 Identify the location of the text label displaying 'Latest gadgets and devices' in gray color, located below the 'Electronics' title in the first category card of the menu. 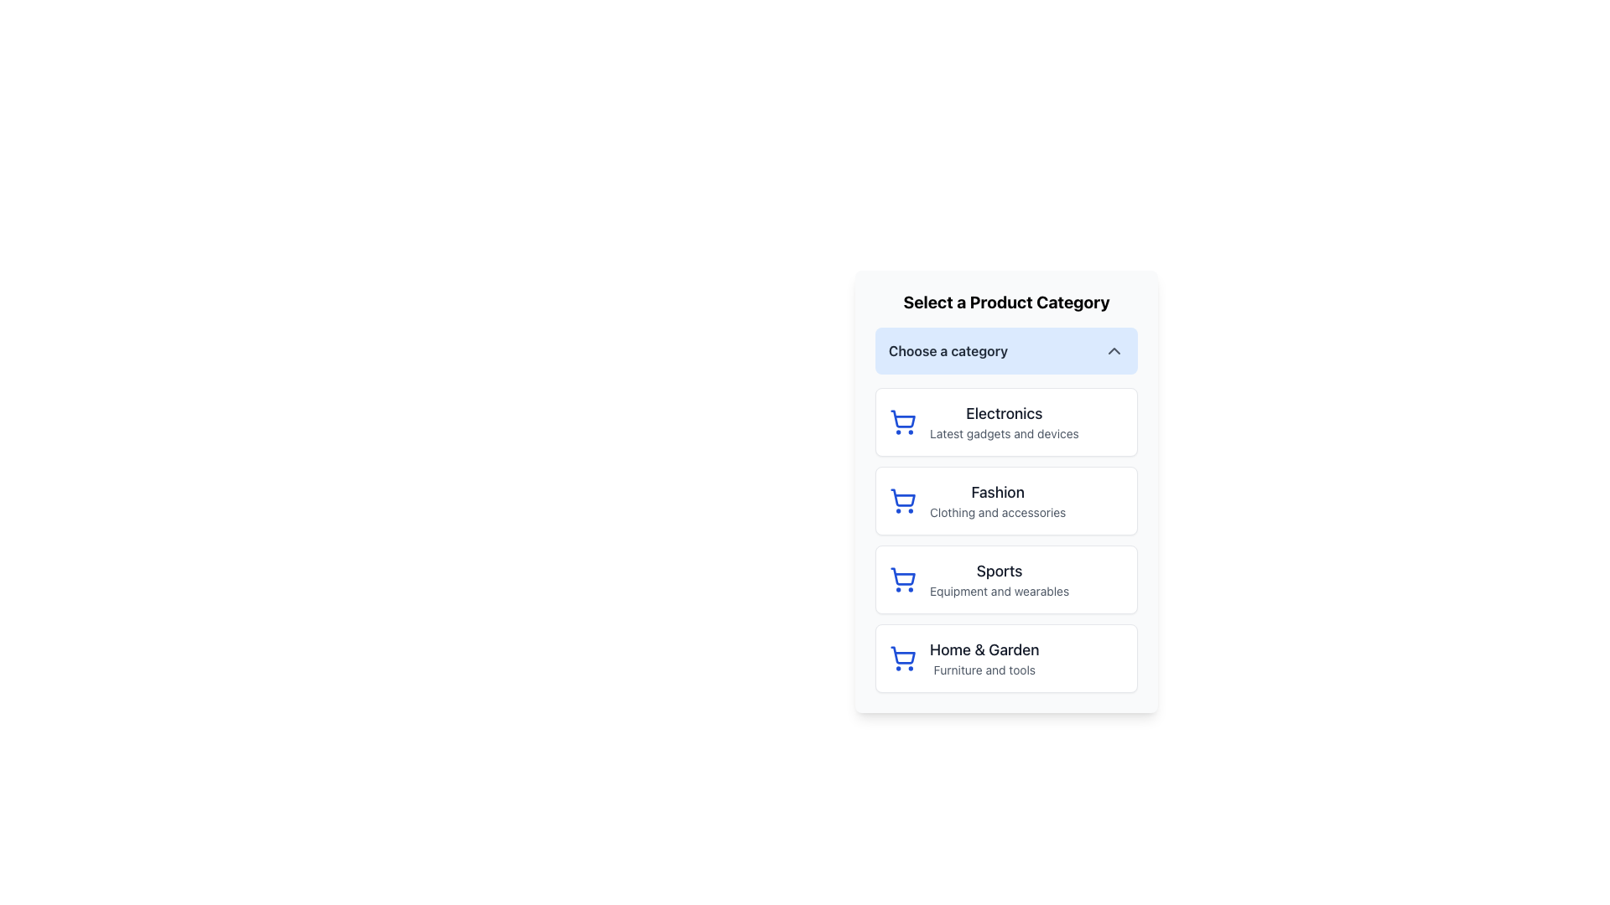
(1004, 432).